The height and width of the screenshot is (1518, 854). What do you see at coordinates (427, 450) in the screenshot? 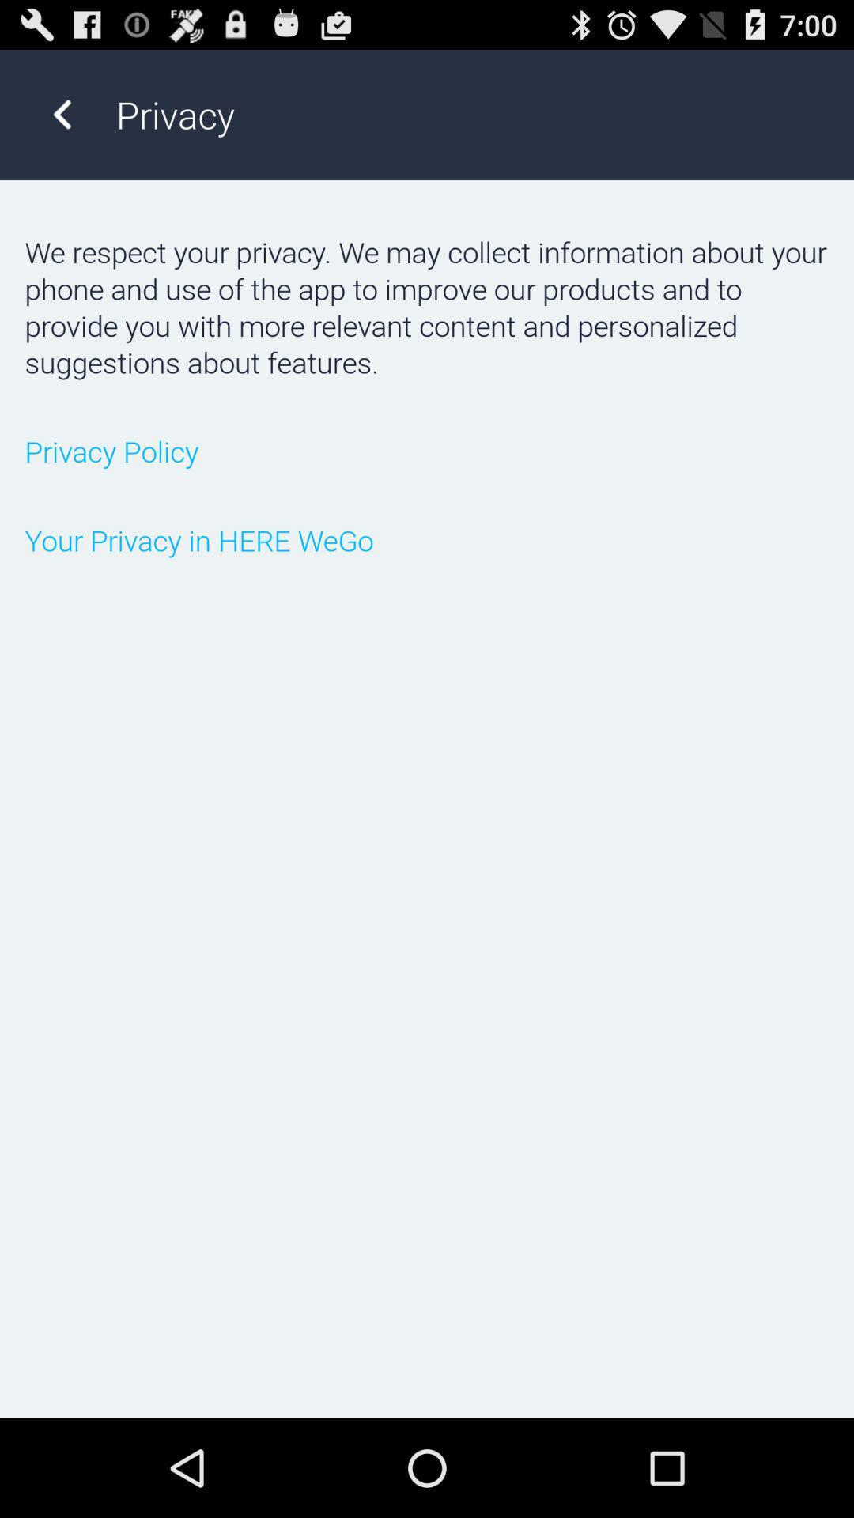
I see `privacy policy icon` at bounding box center [427, 450].